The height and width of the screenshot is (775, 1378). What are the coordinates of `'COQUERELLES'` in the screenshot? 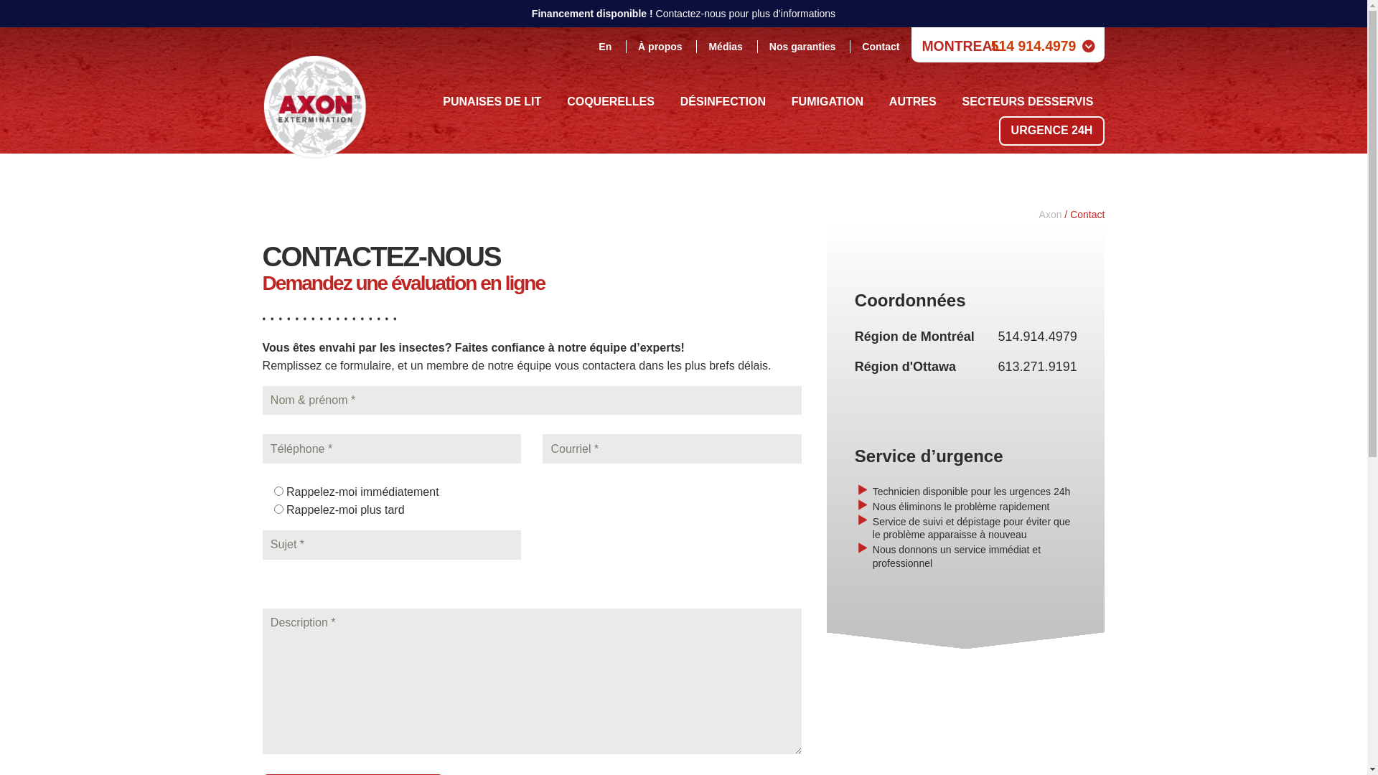 It's located at (610, 101).